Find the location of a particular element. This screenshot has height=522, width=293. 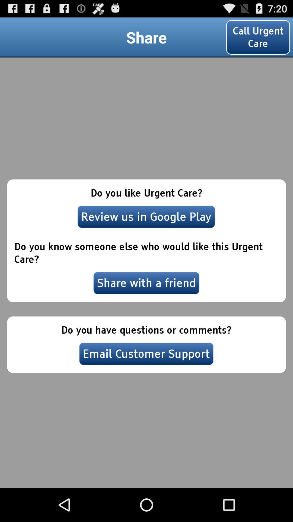

email customer support item is located at coordinates (146, 354).